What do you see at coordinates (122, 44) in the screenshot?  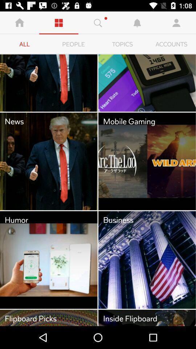 I see `item to the right of the people` at bounding box center [122, 44].